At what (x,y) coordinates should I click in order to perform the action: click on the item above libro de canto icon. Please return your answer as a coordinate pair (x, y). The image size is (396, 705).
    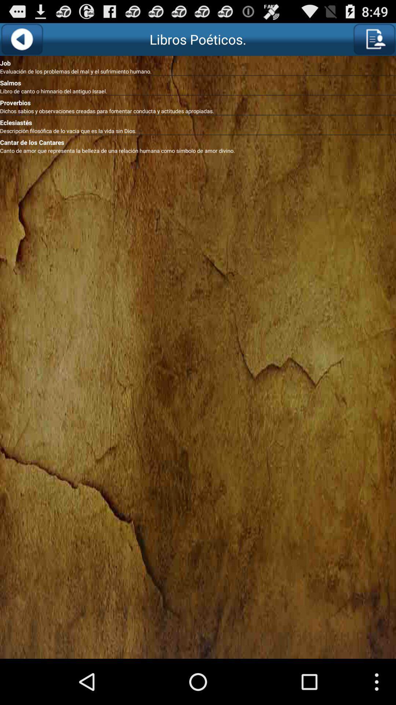
    Looking at the image, I should click on (198, 81).